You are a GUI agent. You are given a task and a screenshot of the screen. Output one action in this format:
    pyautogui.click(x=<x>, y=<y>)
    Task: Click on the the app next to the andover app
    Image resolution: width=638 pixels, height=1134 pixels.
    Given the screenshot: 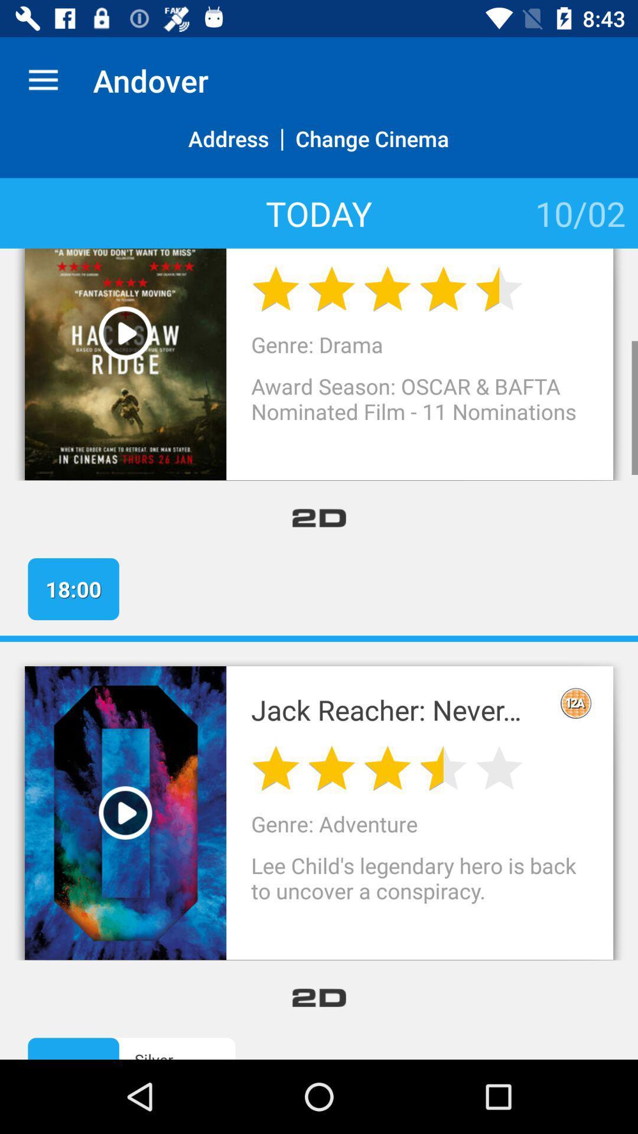 What is the action you would take?
    pyautogui.click(x=43, y=80)
    